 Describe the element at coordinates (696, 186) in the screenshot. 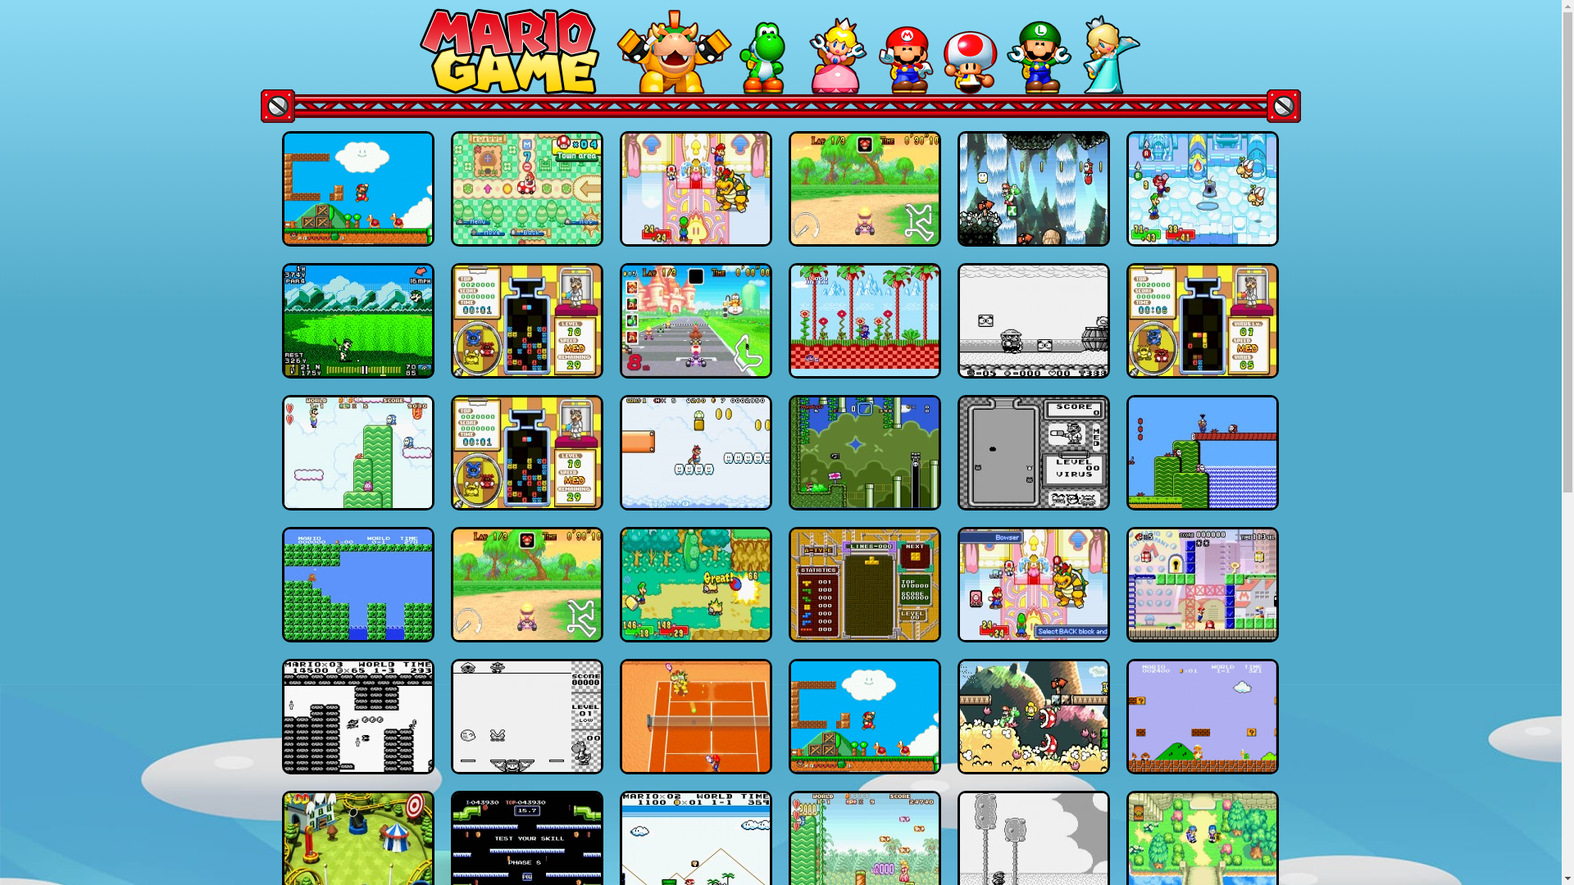

I see `'Mario & Luigi Superstar Saga Plus(v1.5)'` at that location.